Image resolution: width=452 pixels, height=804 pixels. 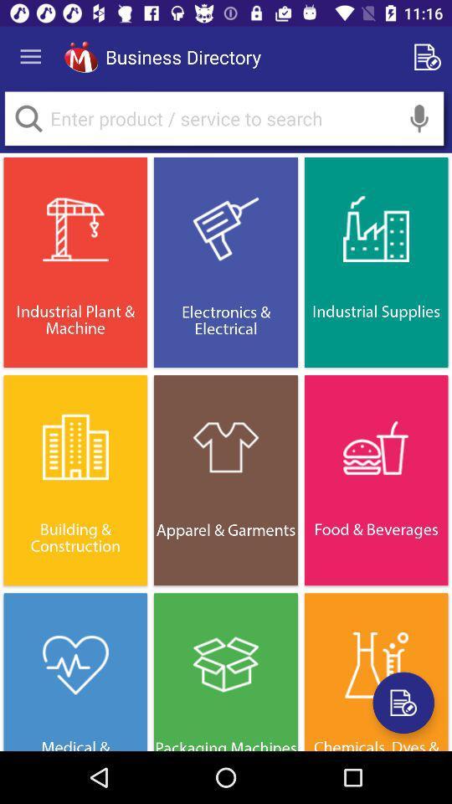 I want to click on register a new product or service, so click(x=403, y=703).